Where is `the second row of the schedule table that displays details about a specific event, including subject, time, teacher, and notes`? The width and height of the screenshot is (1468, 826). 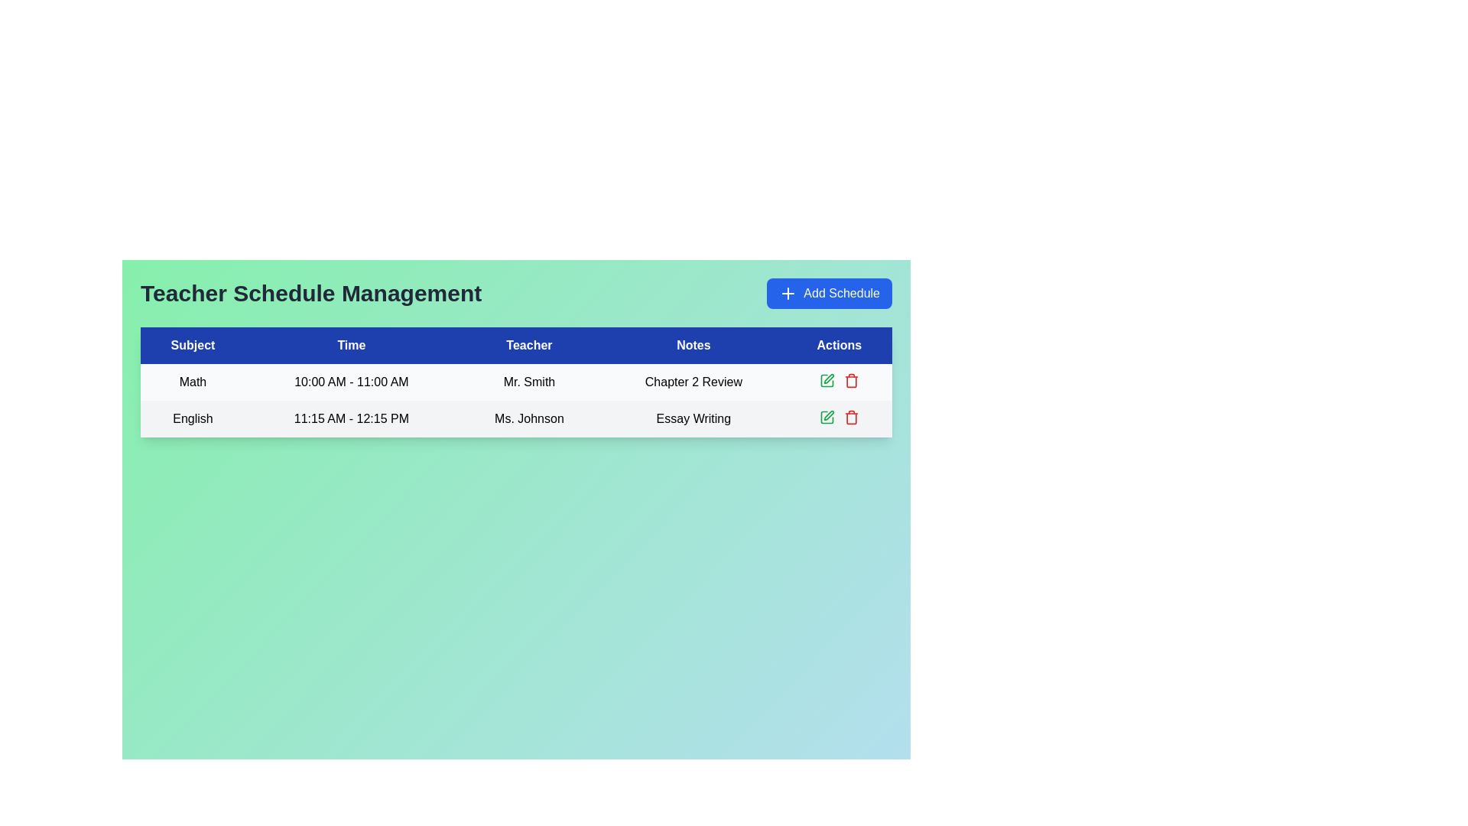 the second row of the schedule table that displays details about a specific event, including subject, time, teacher, and notes is located at coordinates (516, 418).